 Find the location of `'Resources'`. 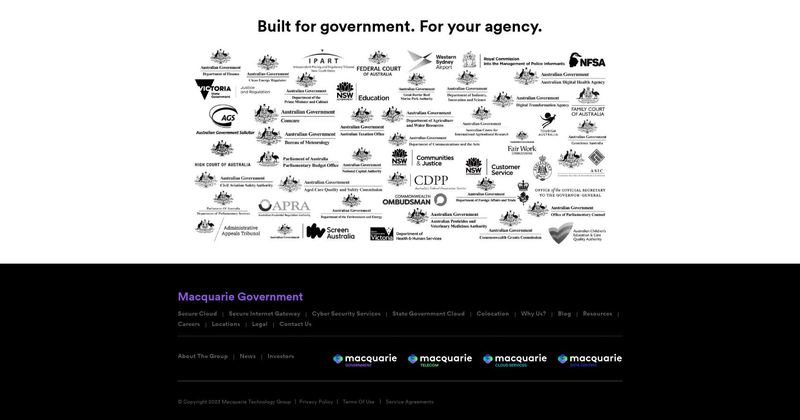

'Resources' is located at coordinates (597, 313).